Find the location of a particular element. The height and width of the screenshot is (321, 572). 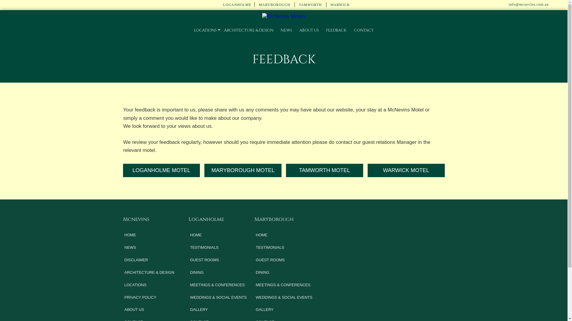

'HOME' is located at coordinates (150, 235).